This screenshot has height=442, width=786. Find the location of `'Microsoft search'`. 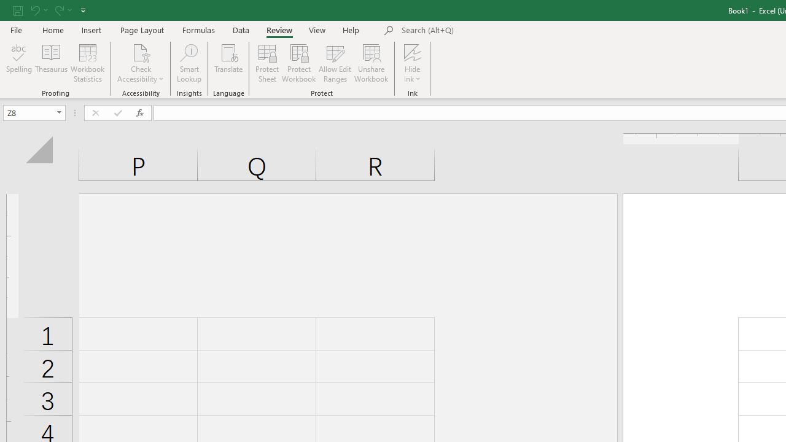

'Microsoft search' is located at coordinates (486, 30).